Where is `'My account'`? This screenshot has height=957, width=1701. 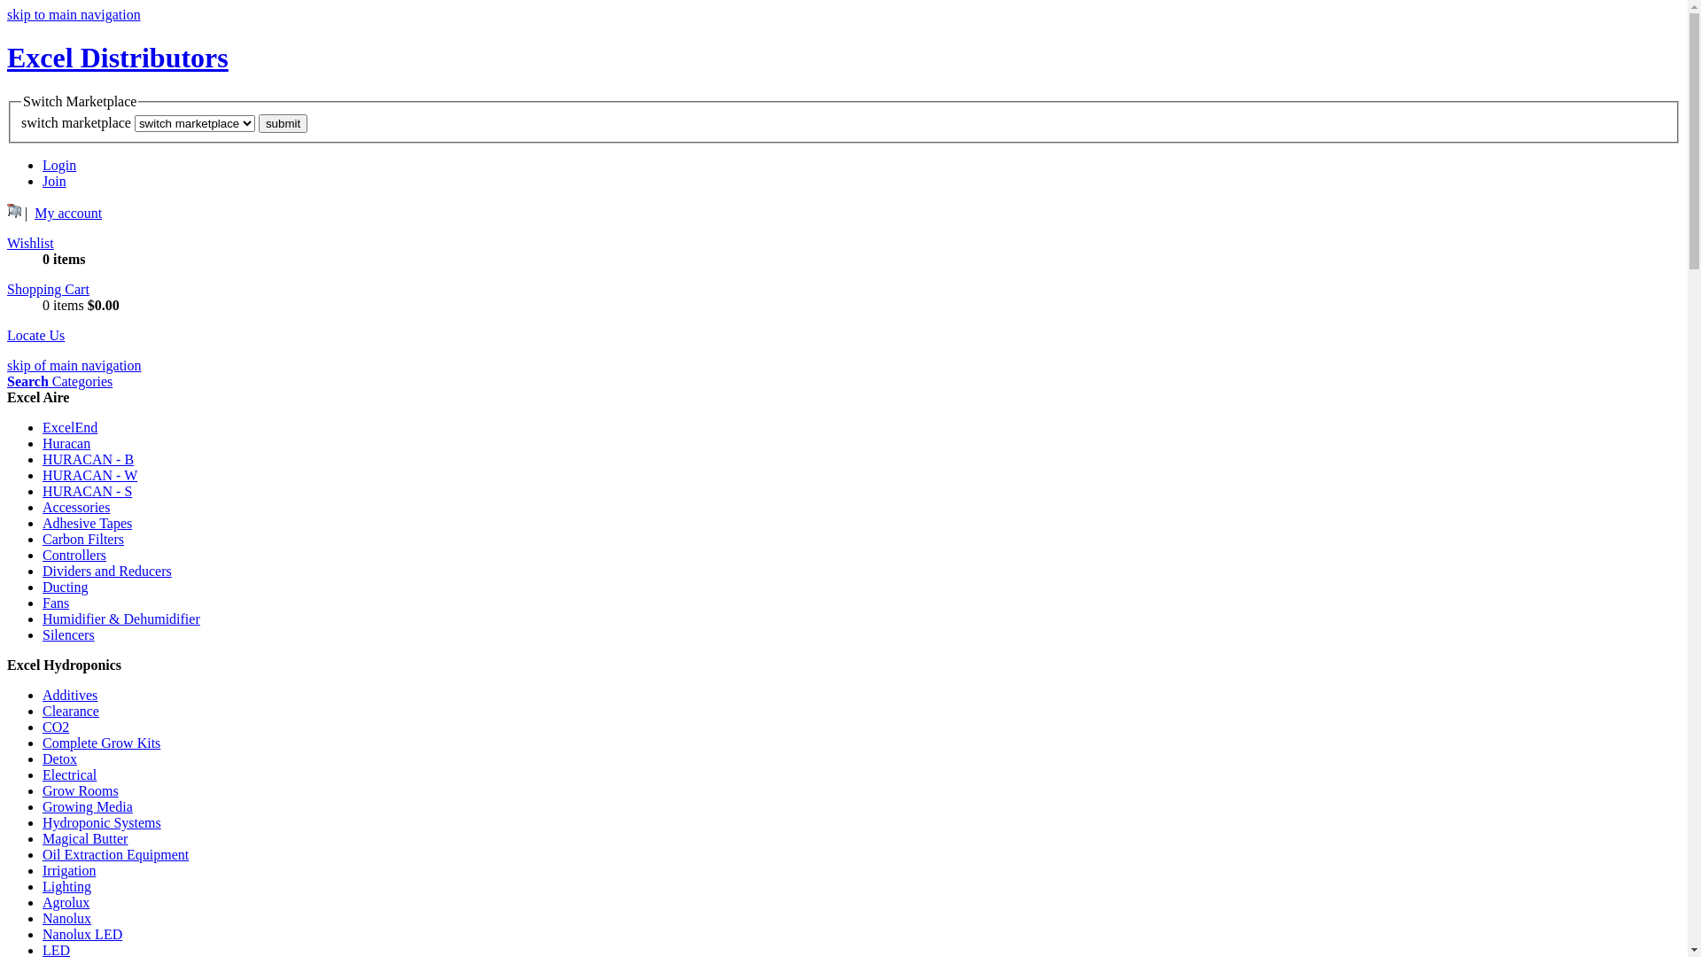
'My account' is located at coordinates (34, 212).